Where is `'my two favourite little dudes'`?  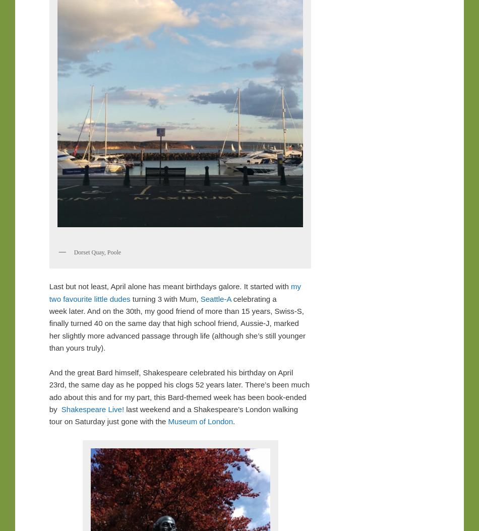 'my two favourite little dudes' is located at coordinates (174, 292).